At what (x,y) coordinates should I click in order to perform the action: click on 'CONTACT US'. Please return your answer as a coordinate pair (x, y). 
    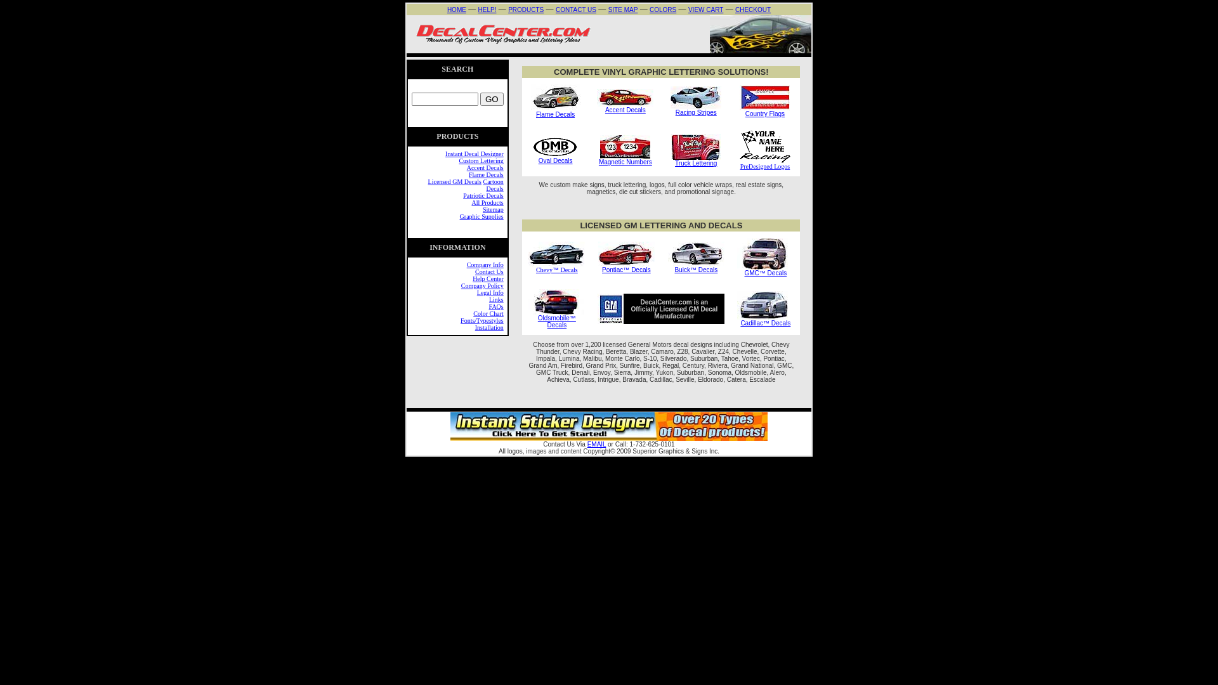
    Looking at the image, I should click on (575, 10).